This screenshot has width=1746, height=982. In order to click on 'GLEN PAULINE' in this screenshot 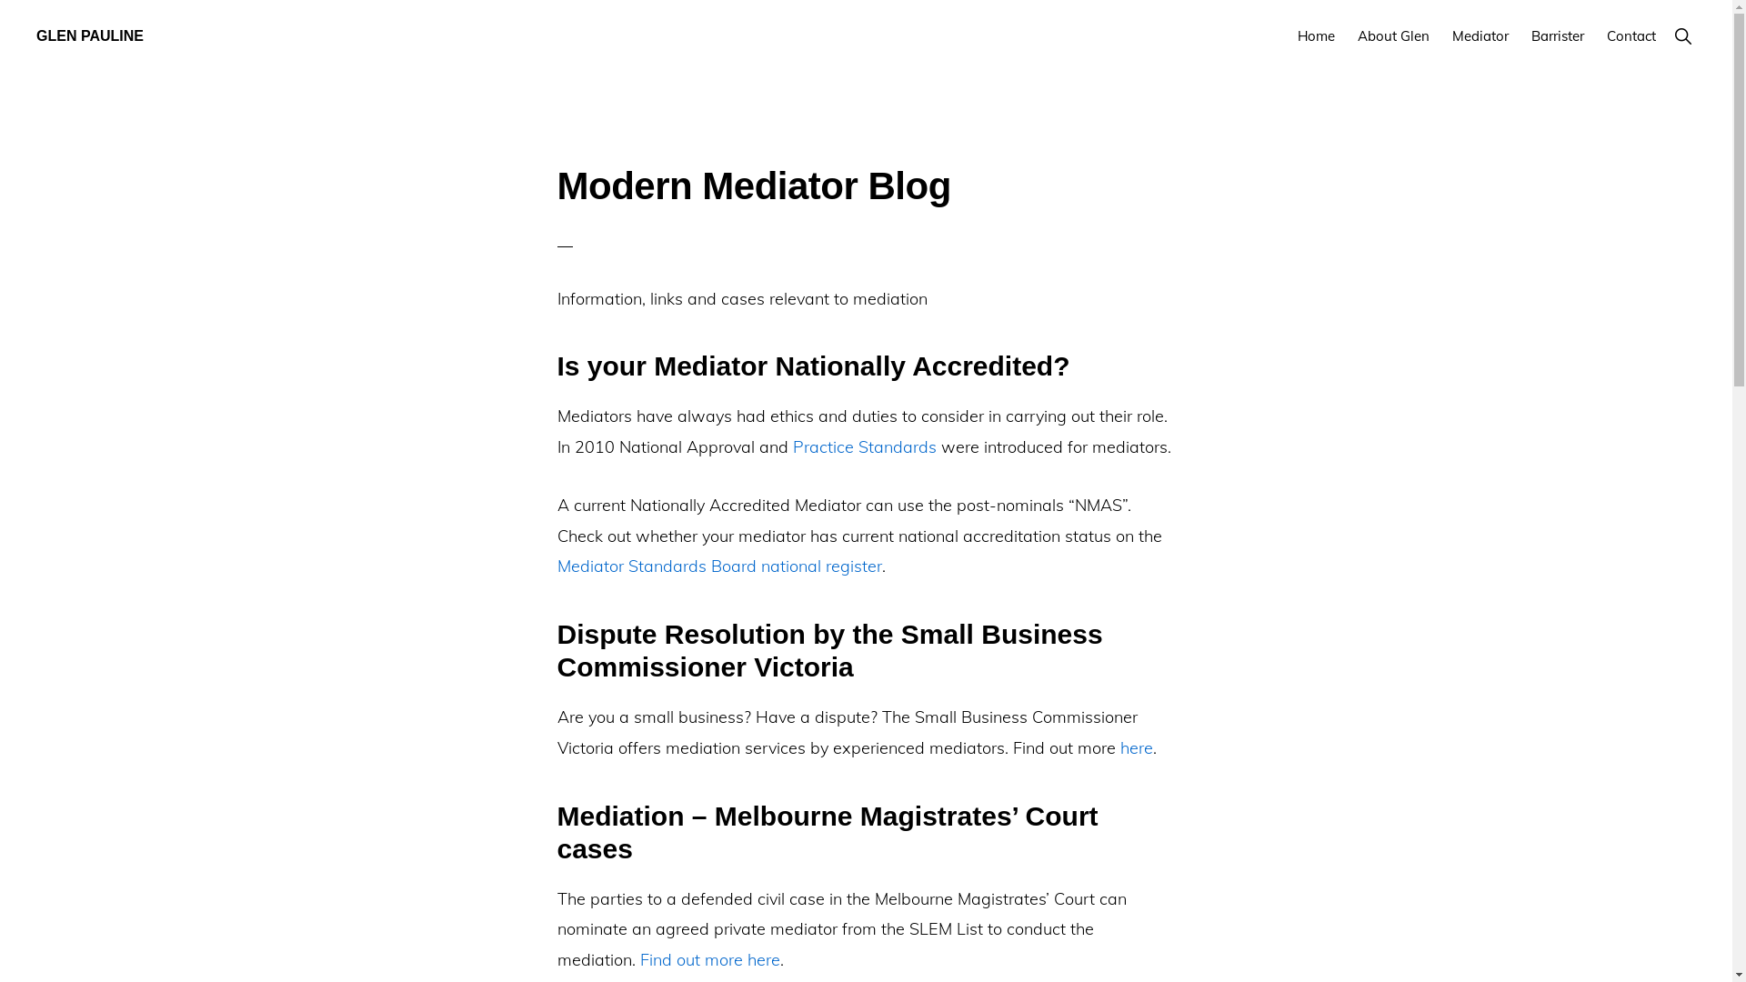, I will do `click(89, 35)`.